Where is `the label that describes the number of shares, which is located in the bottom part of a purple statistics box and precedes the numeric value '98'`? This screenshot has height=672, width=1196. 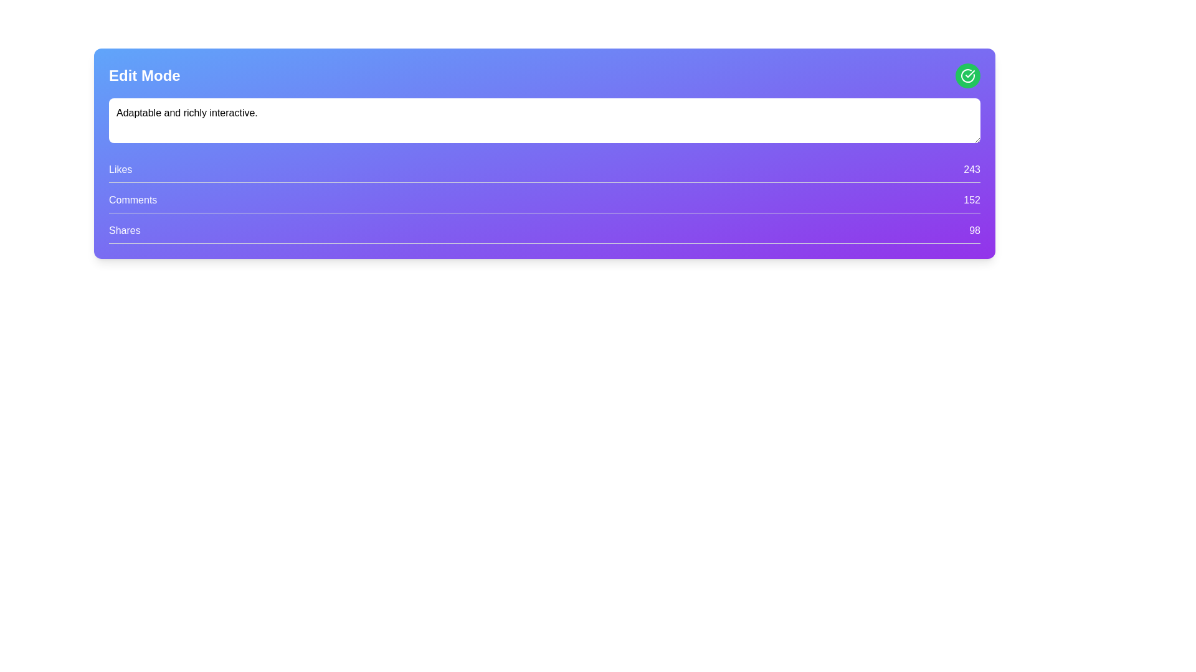
the label that describes the number of shares, which is located in the bottom part of a purple statistics box and precedes the numeric value '98' is located at coordinates (125, 230).